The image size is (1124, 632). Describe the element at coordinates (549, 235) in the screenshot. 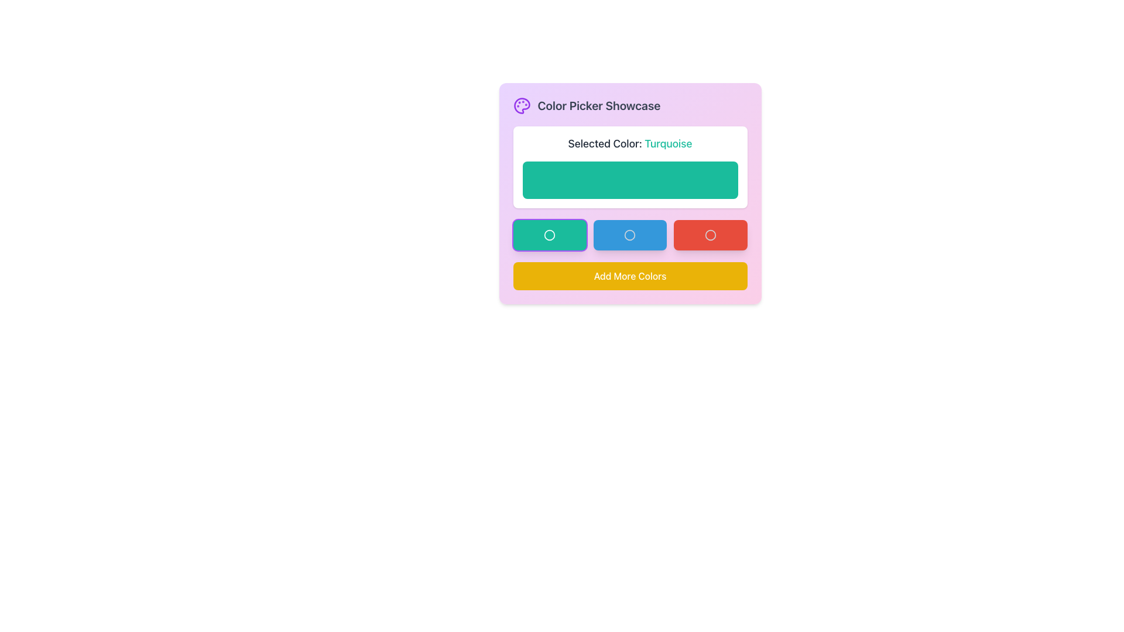

I see `the first icon in the turquoise section of the color picker` at that location.